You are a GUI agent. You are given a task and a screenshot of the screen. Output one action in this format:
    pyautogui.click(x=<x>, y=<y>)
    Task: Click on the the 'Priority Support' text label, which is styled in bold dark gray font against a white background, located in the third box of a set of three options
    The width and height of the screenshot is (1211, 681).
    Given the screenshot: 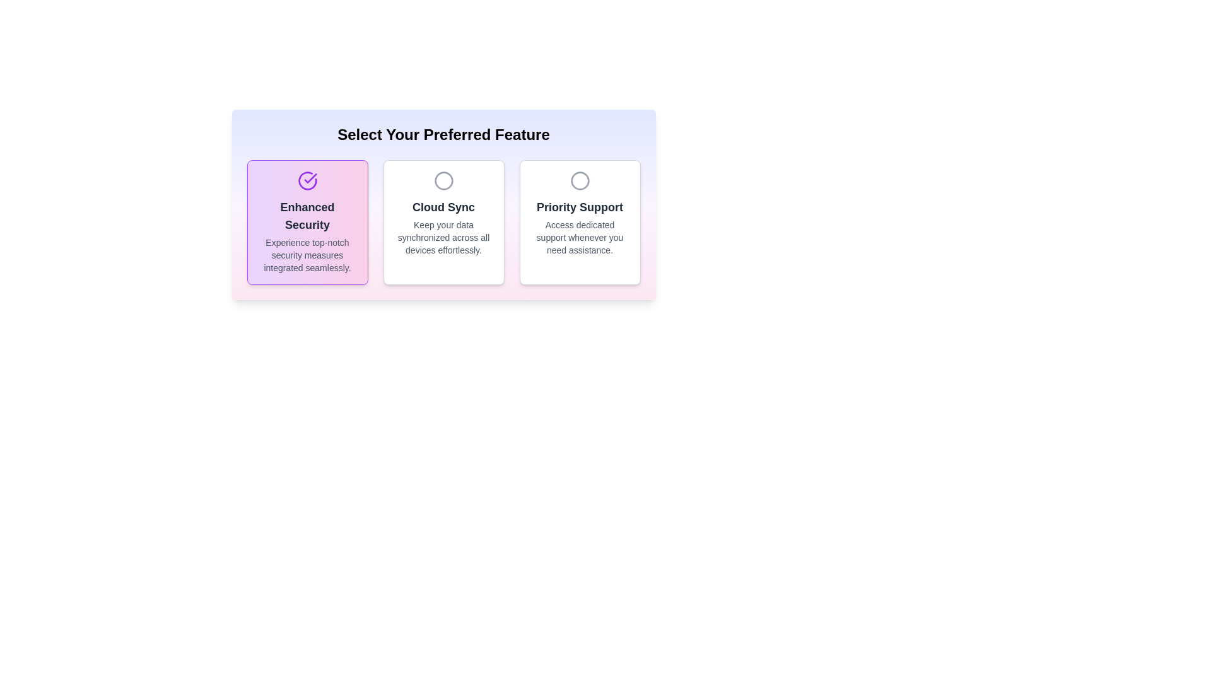 What is the action you would take?
    pyautogui.click(x=579, y=206)
    